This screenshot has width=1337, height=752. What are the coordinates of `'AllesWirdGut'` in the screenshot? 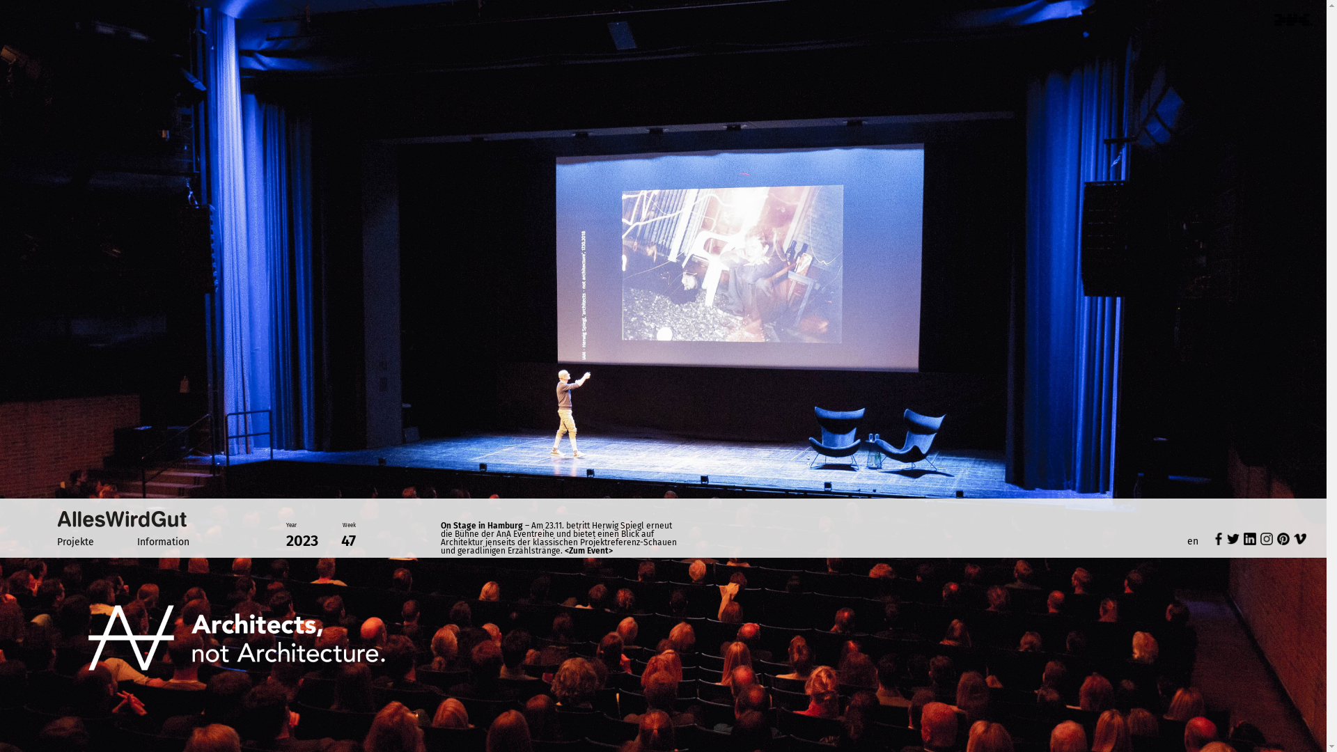 It's located at (56, 518).